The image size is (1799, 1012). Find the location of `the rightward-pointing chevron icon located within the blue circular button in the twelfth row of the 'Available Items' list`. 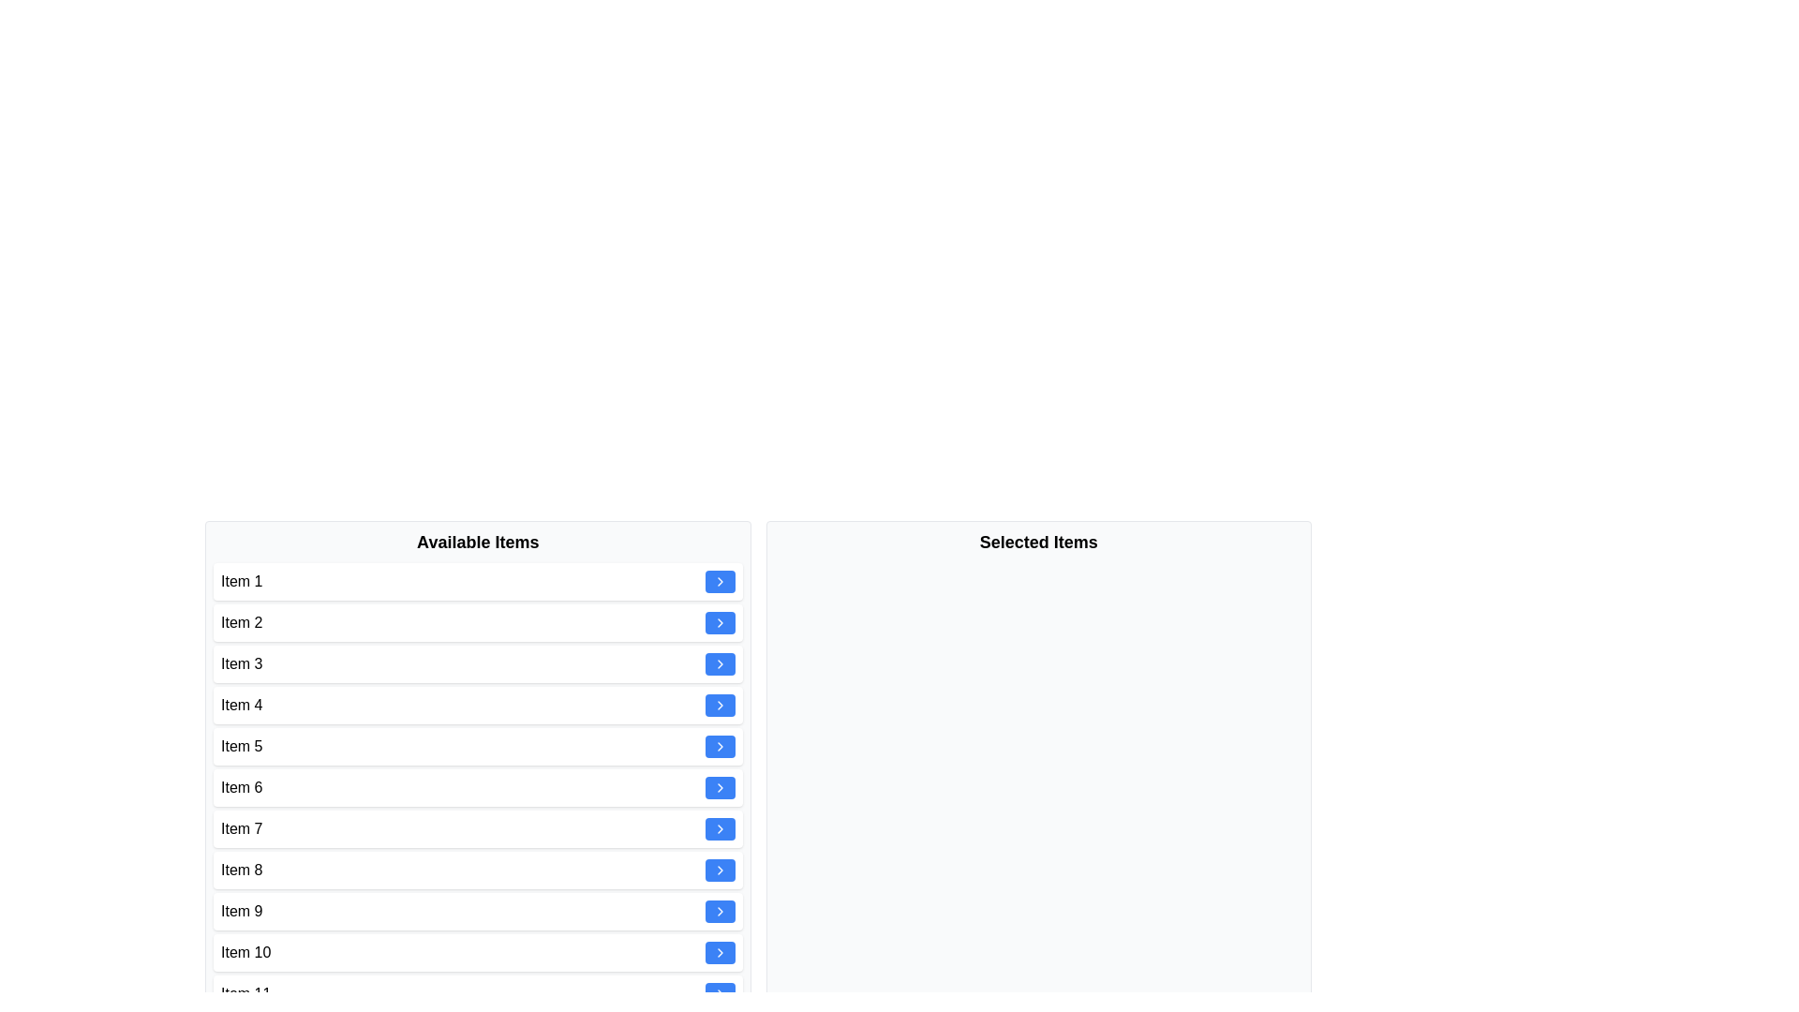

the rightward-pointing chevron icon located within the blue circular button in the twelfth row of the 'Available Items' list is located at coordinates (719, 953).